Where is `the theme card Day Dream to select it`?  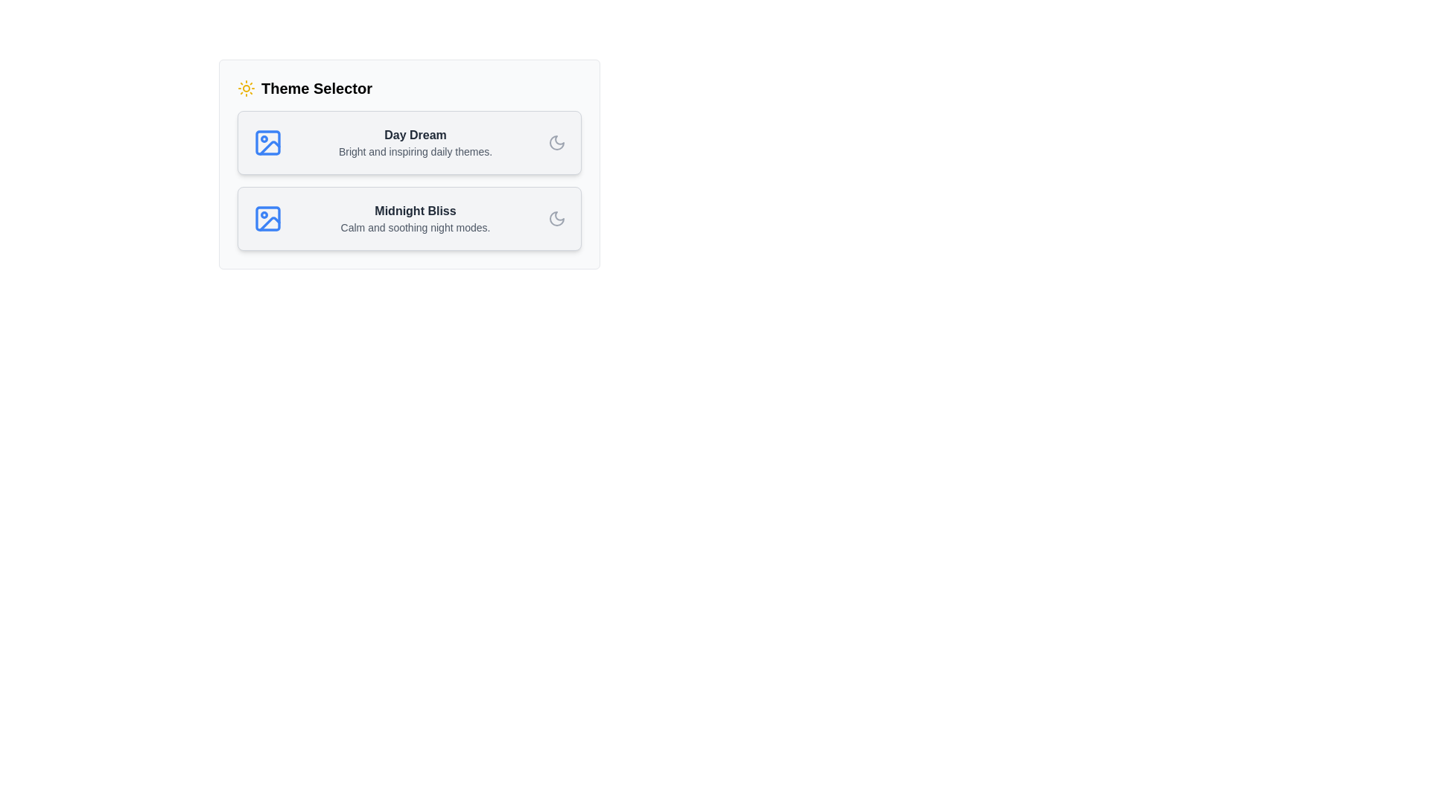
the theme card Day Dream to select it is located at coordinates (410, 143).